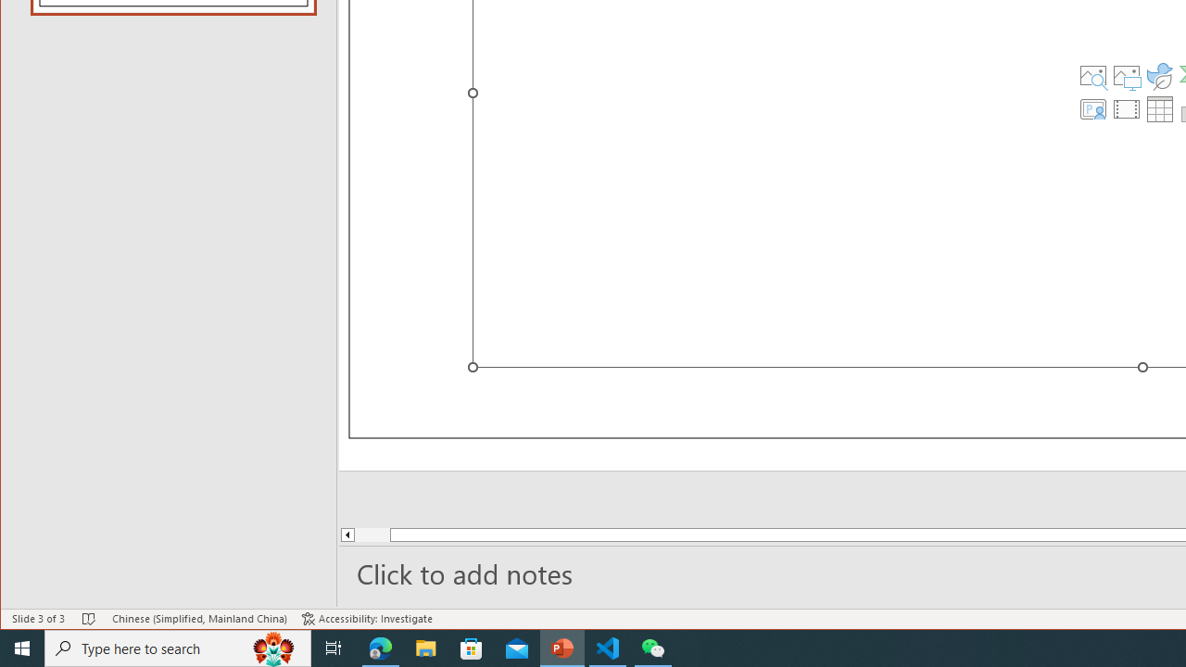 This screenshot has width=1186, height=667. I want to click on 'Spell Check No Errors', so click(88, 619).